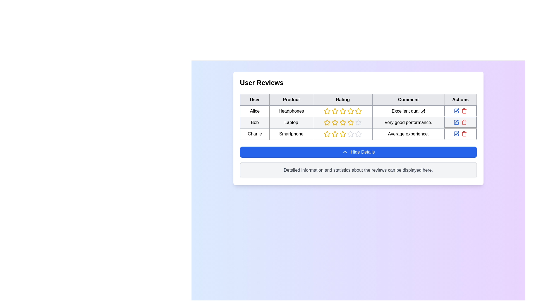 The height and width of the screenshot is (301, 536). Describe the element at coordinates (291, 99) in the screenshot. I see `the 'Product' label, which is a rectangular button-like component with centered text and a gray border, positioned between the 'User' and 'Rating' components` at that location.